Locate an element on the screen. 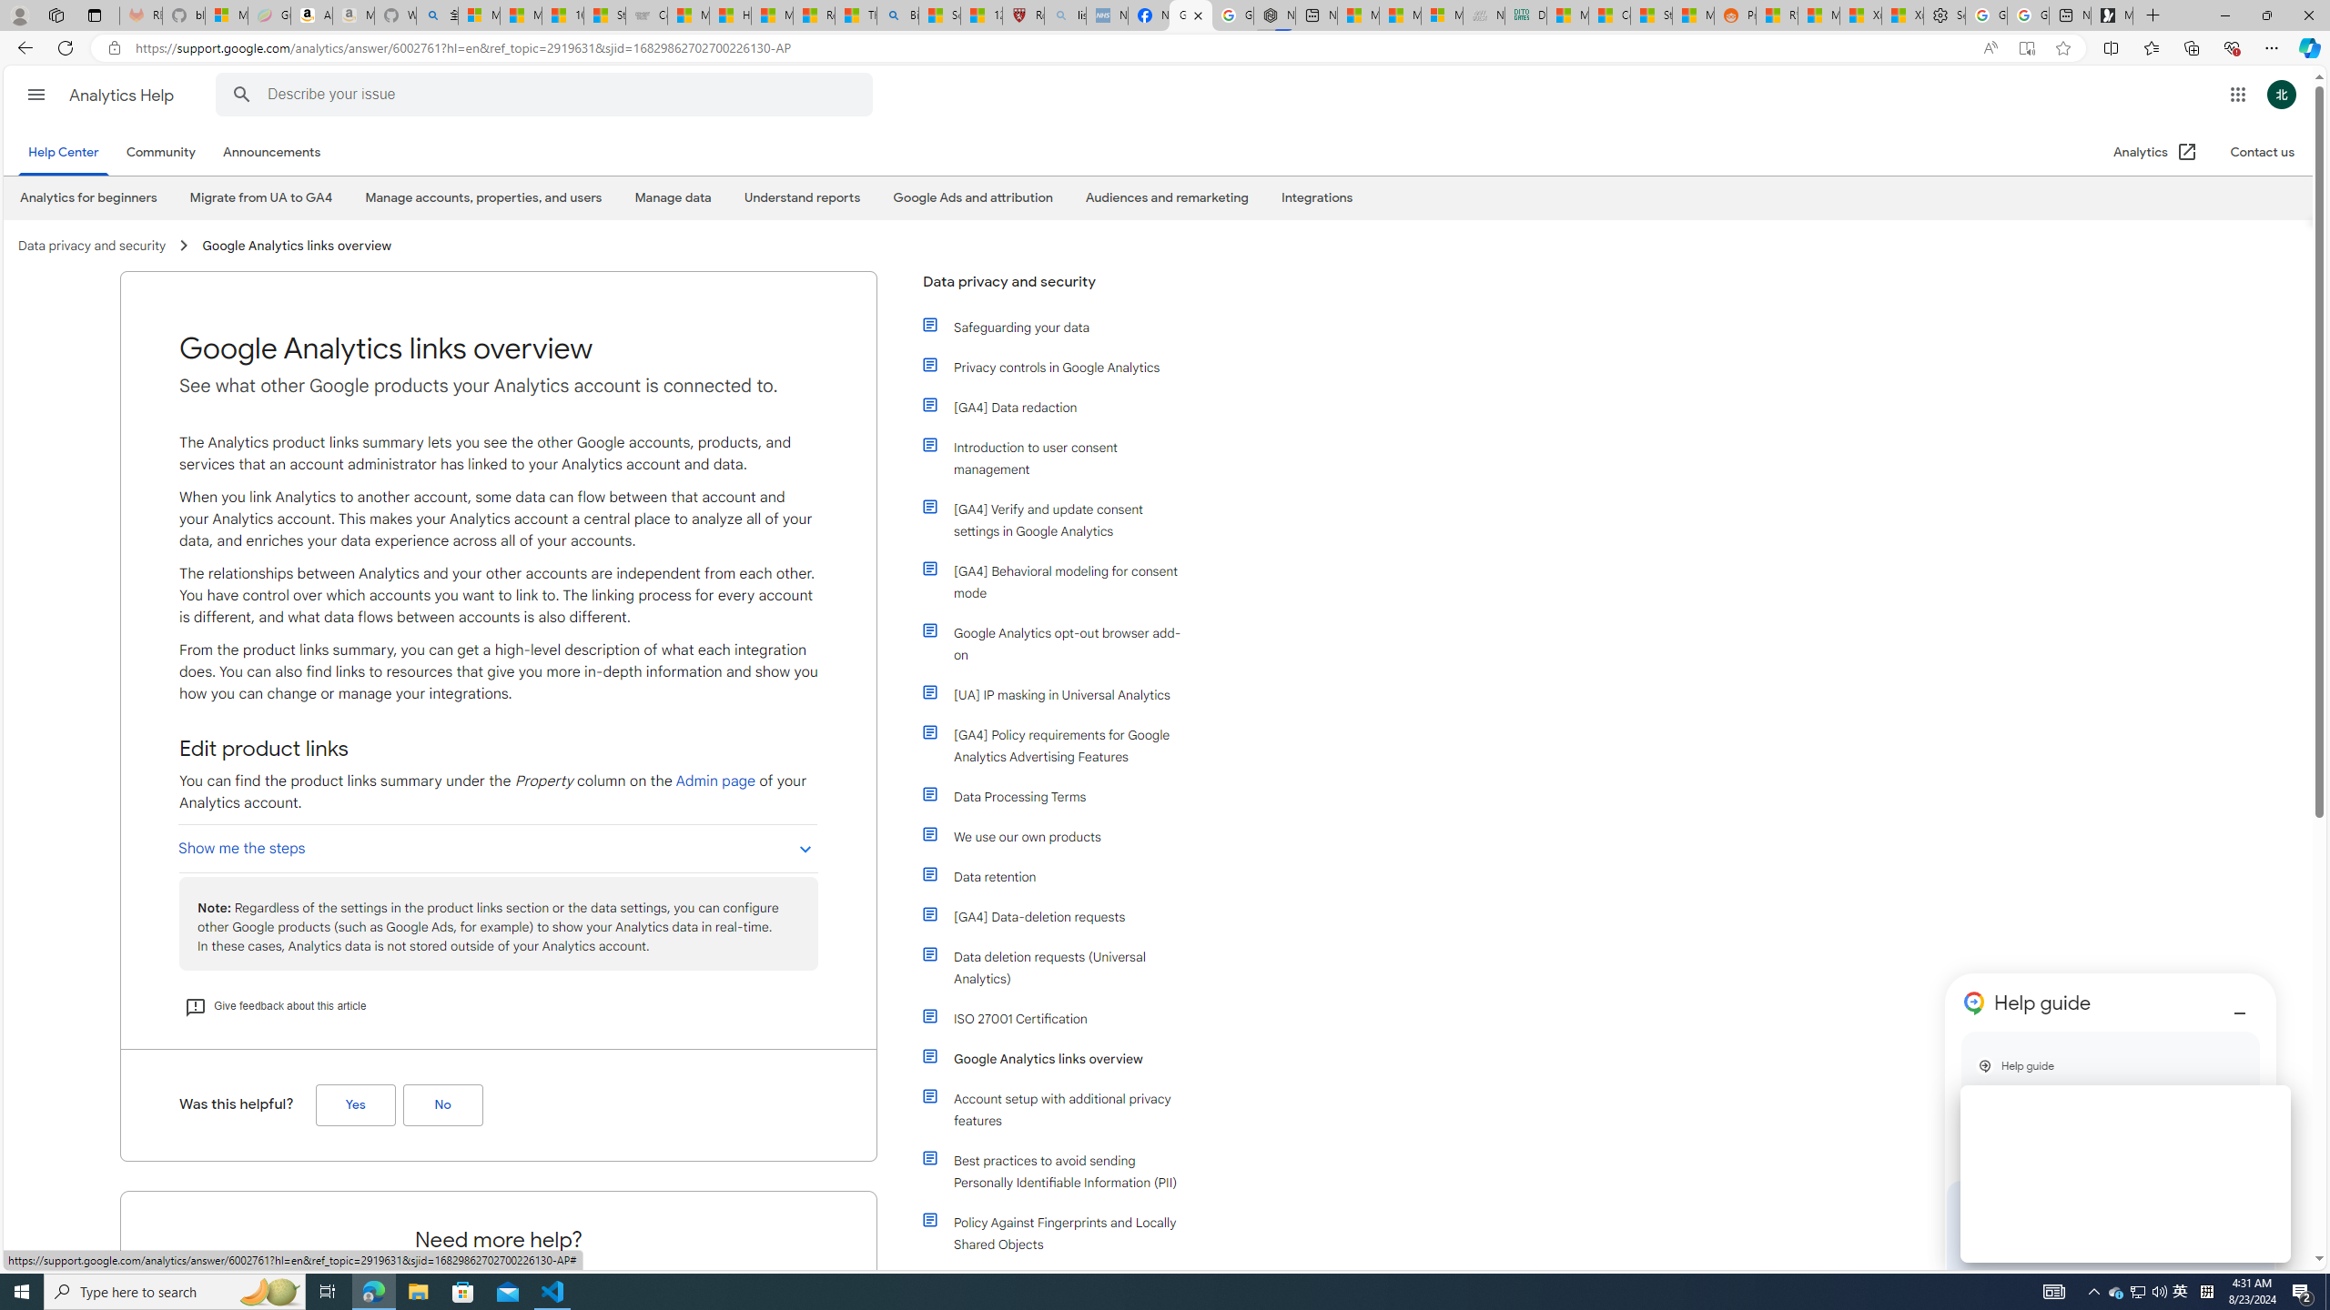 This screenshot has height=1310, width=2330. 'Migrate from UA to GA4' is located at coordinates (259, 198).